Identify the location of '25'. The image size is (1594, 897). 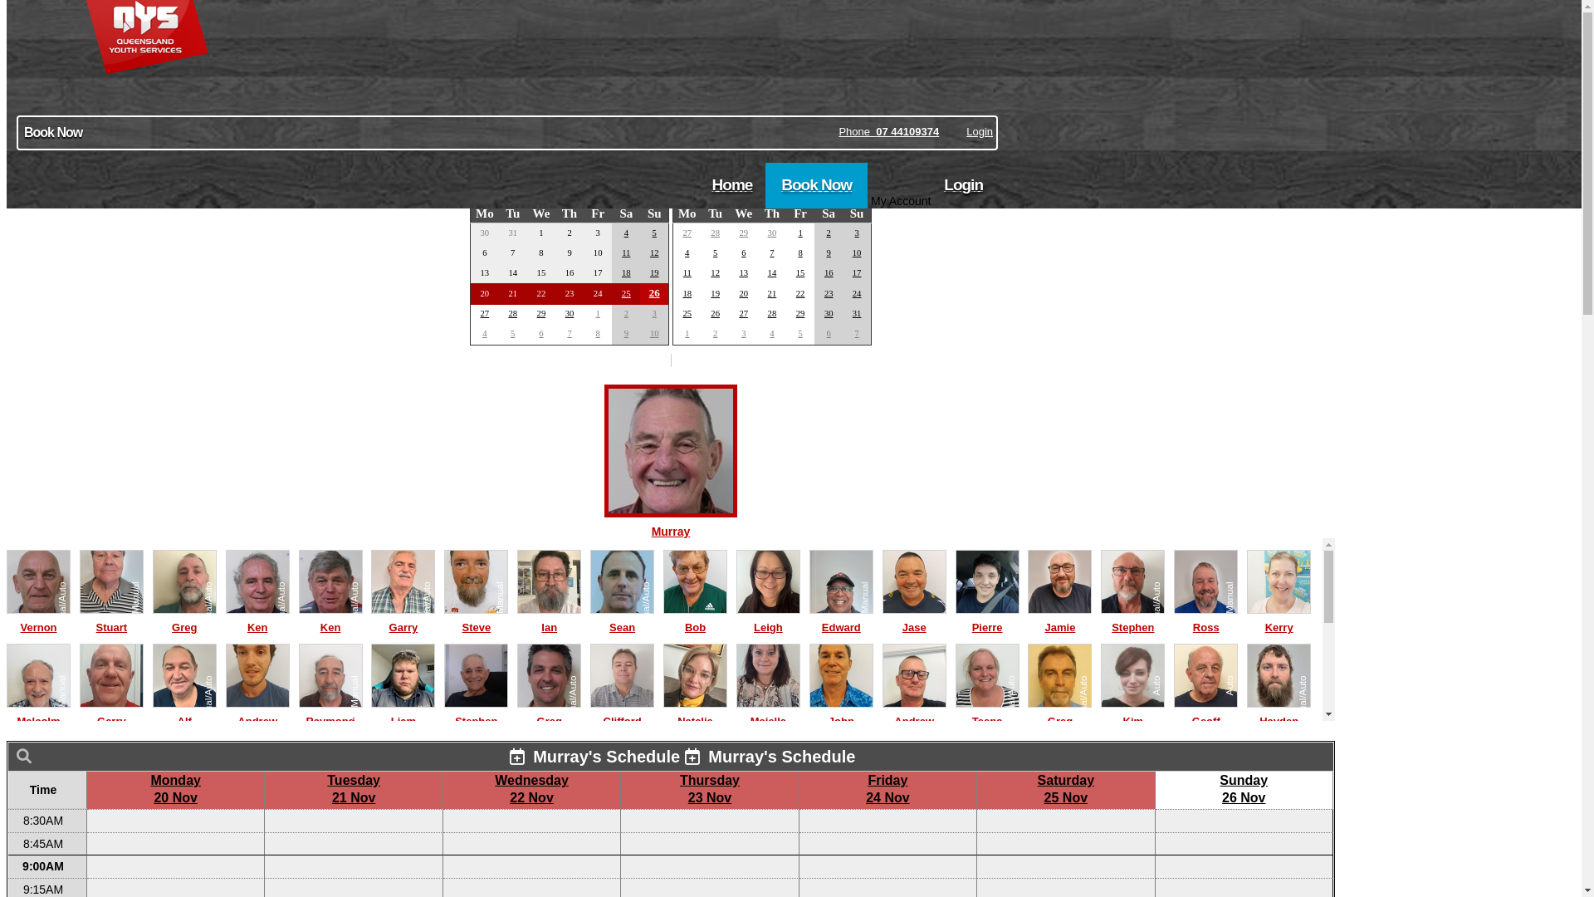
(625, 292).